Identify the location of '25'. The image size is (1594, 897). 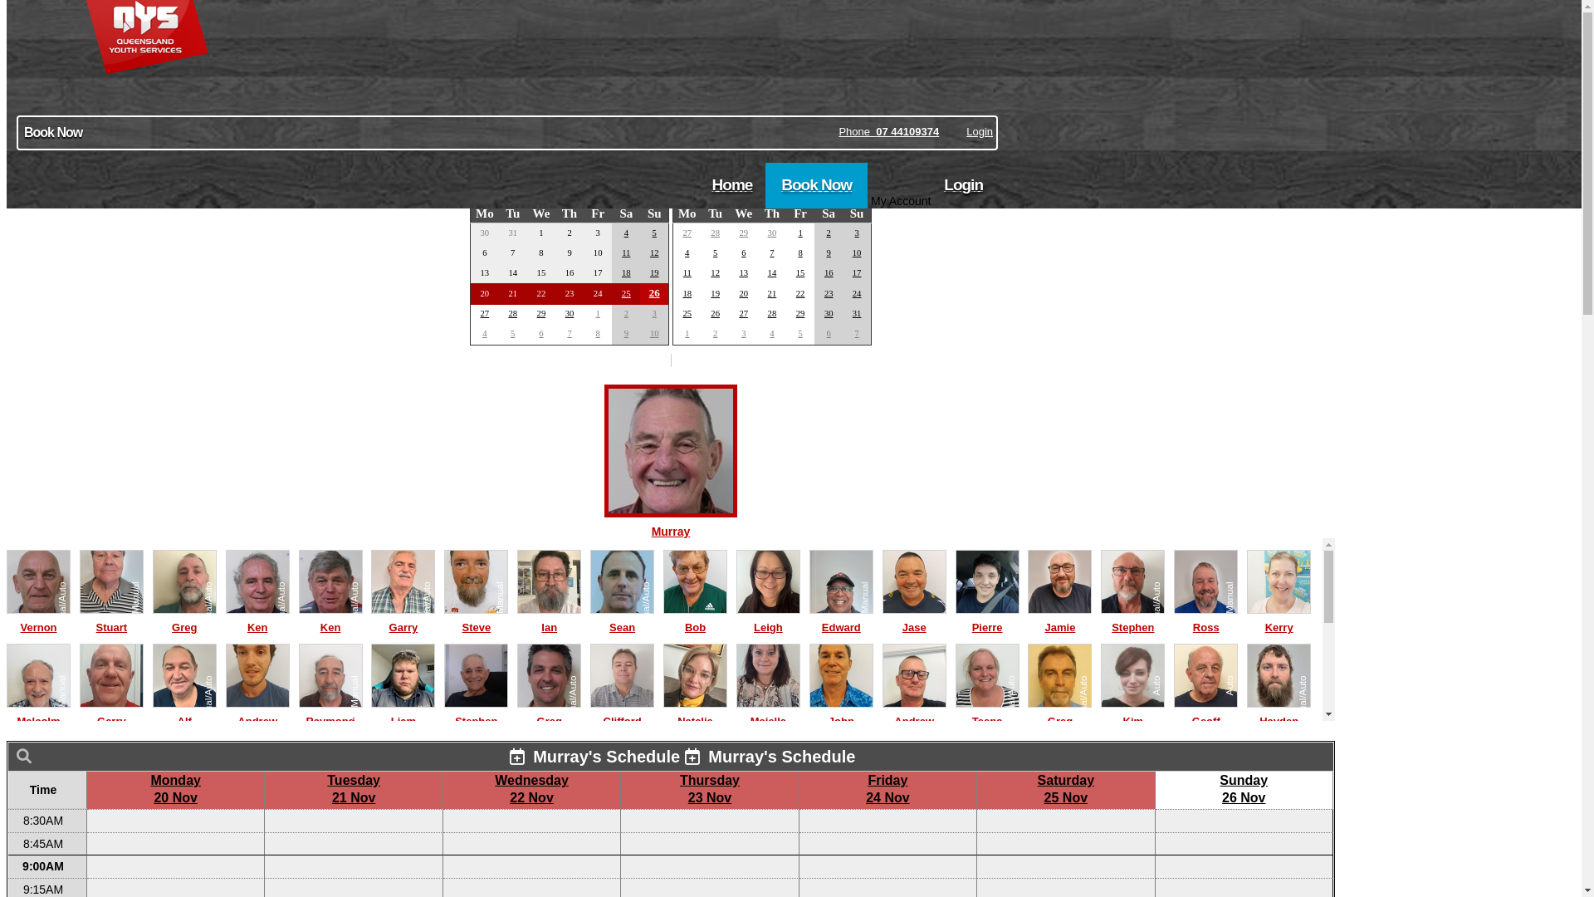
(625, 292).